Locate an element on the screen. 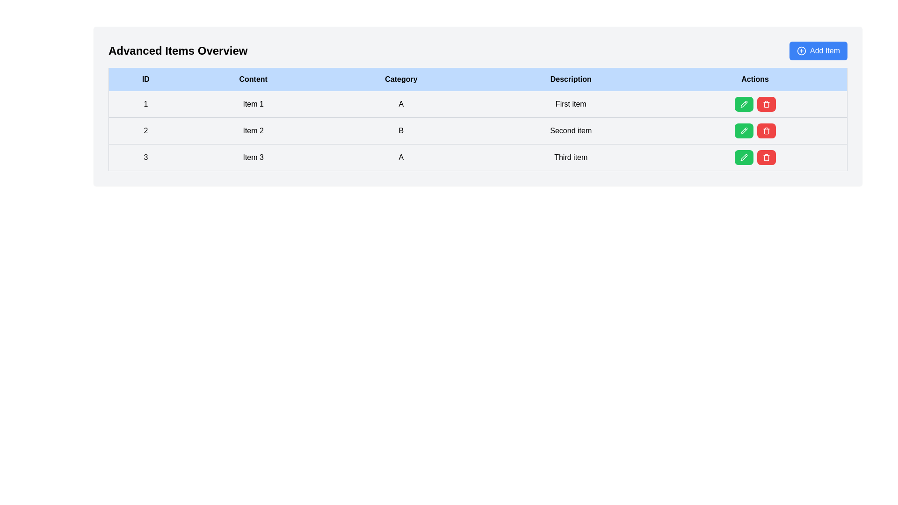  the text label displaying the numeral '2' in the first cell of the second row under the 'ID' column for detailed accessibility description is located at coordinates (145, 131).